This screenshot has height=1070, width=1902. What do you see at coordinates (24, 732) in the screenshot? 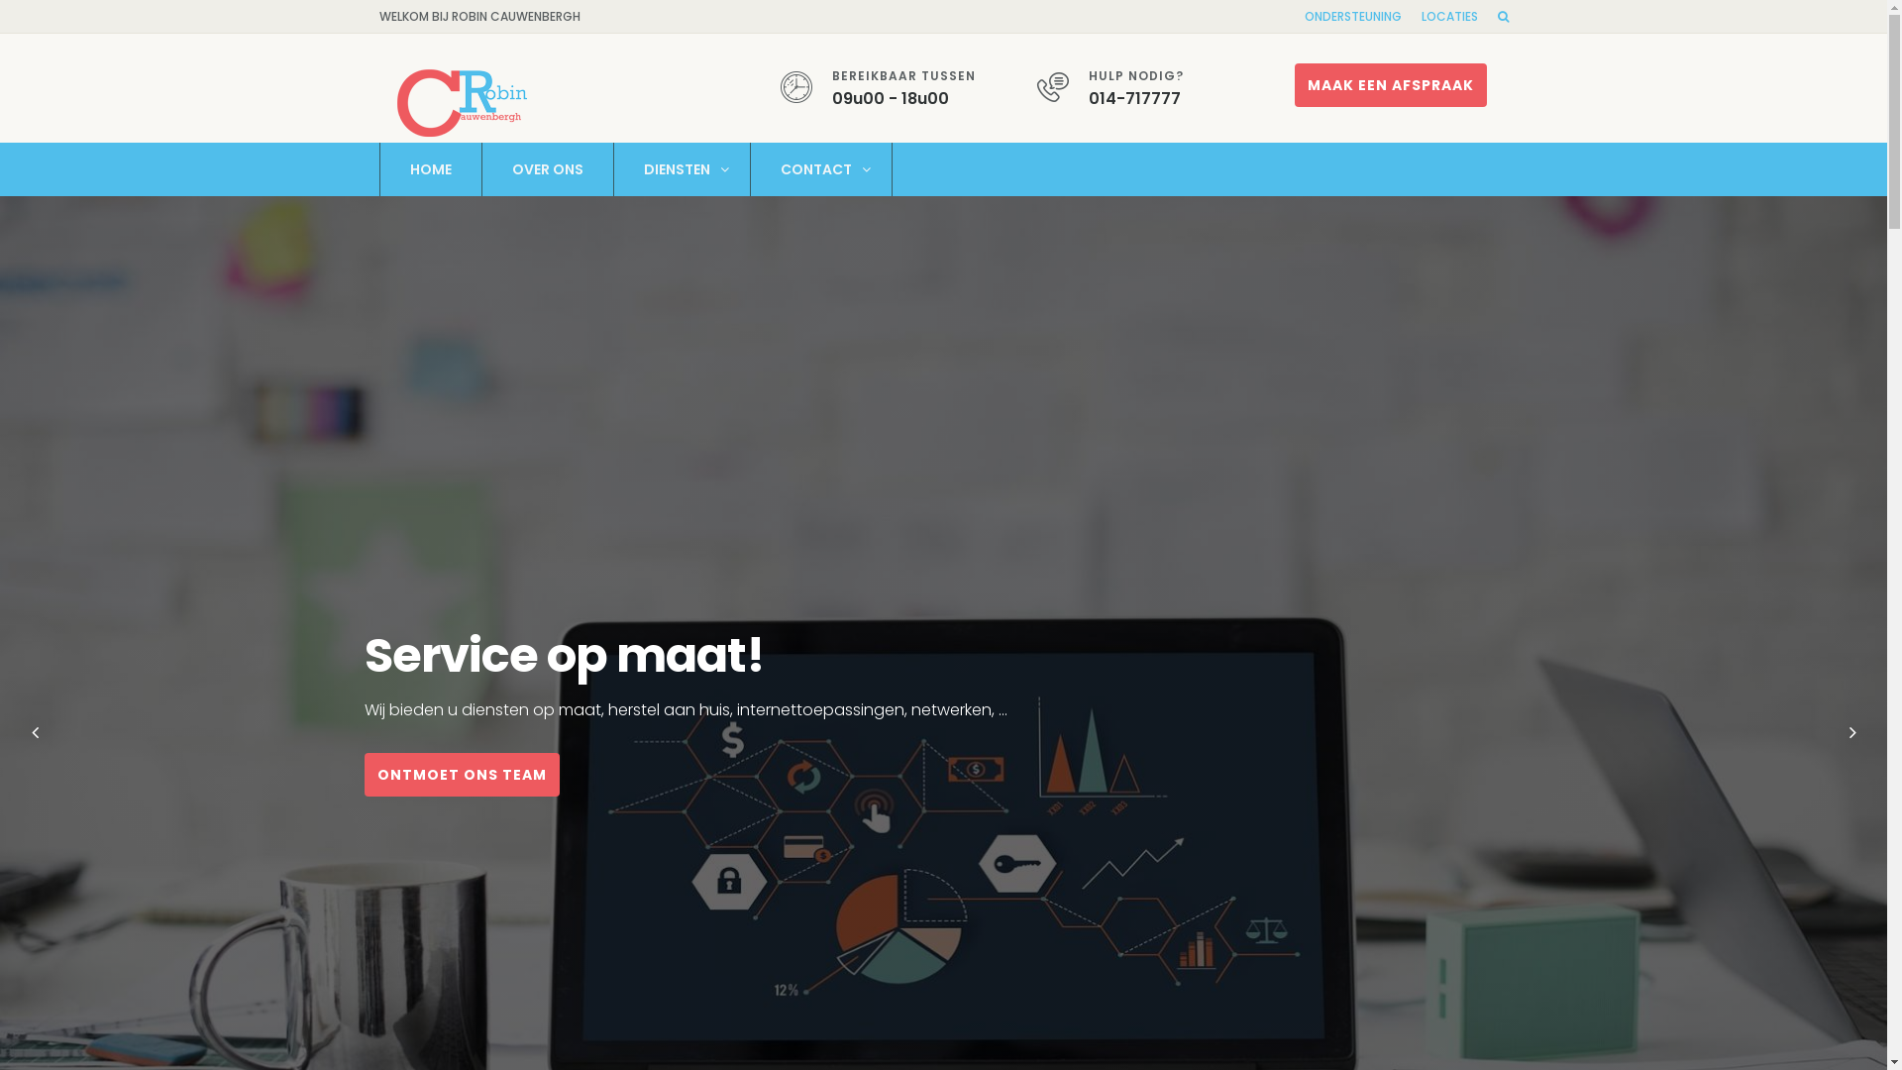
I see `'Previous'` at bounding box center [24, 732].